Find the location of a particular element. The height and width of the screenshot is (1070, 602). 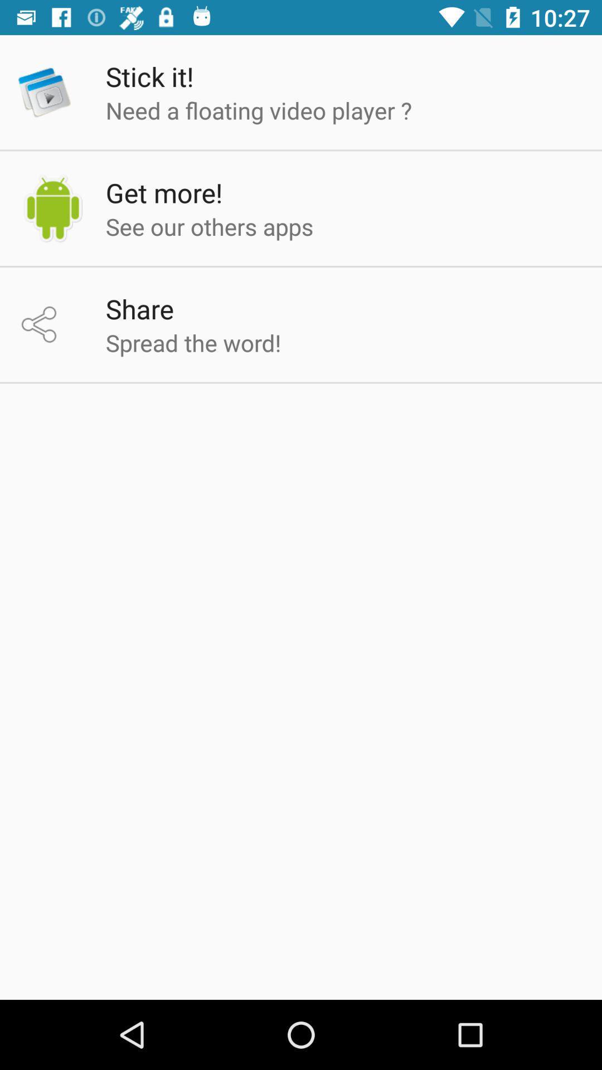

the see our others icon is located at coordinates (210, 226).